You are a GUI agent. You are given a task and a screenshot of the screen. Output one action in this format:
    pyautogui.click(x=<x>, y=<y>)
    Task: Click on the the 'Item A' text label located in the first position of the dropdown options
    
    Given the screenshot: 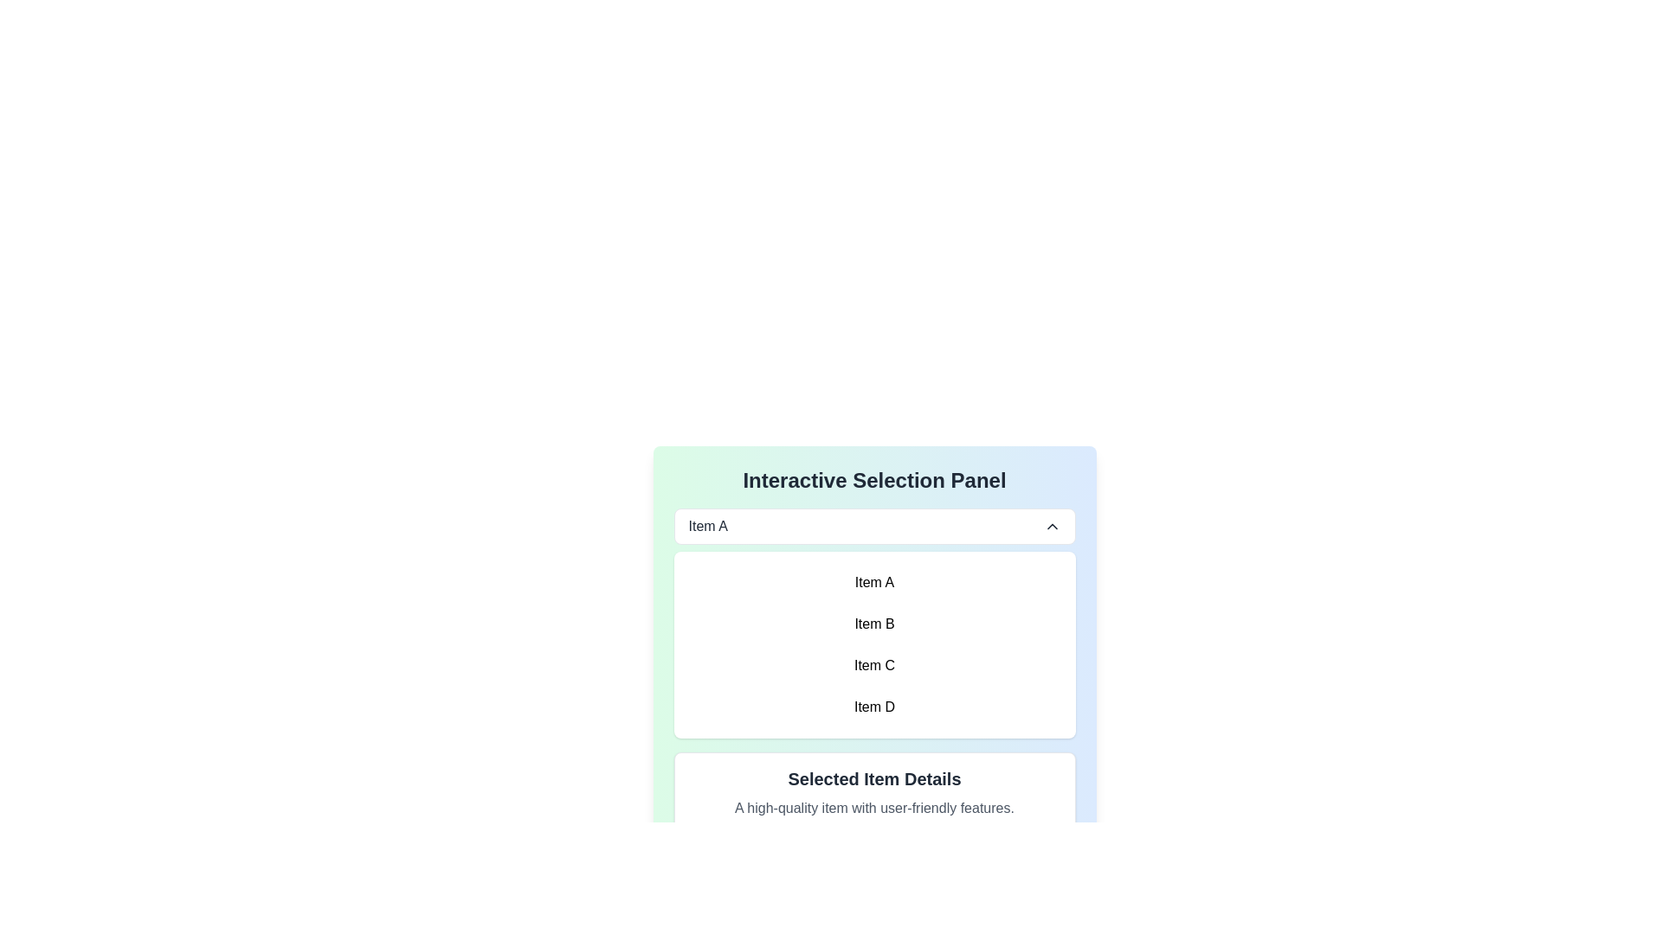 What is the action you would take?
    pyautogui.click(x=707, y=526)
    